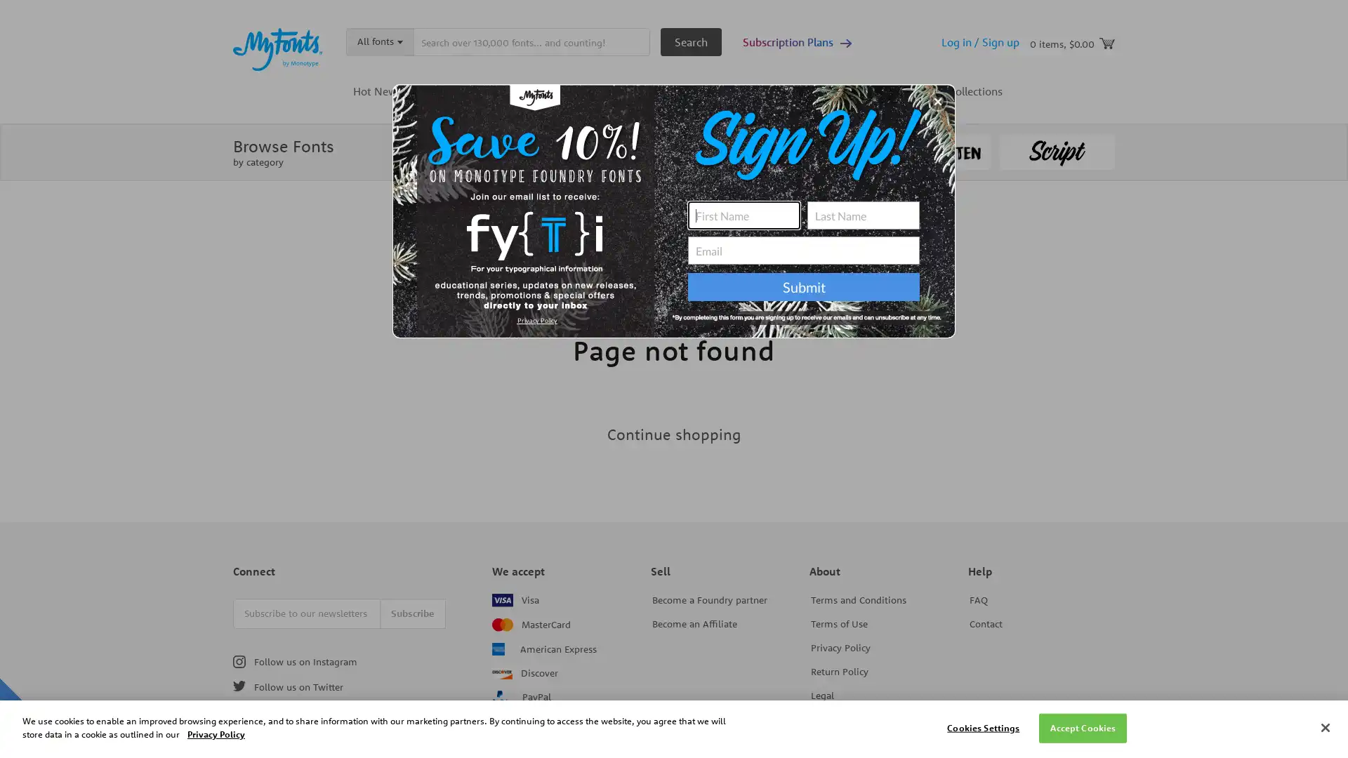 This screenshot has height=758, width=1348. I want to click on Submit, so click(804, 286).